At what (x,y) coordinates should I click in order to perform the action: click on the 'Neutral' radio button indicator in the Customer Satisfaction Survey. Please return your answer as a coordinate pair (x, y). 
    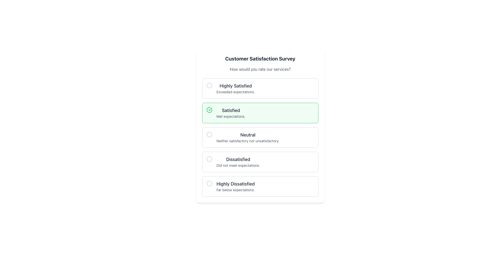
    Looking at the image, I should click on (209, 134).